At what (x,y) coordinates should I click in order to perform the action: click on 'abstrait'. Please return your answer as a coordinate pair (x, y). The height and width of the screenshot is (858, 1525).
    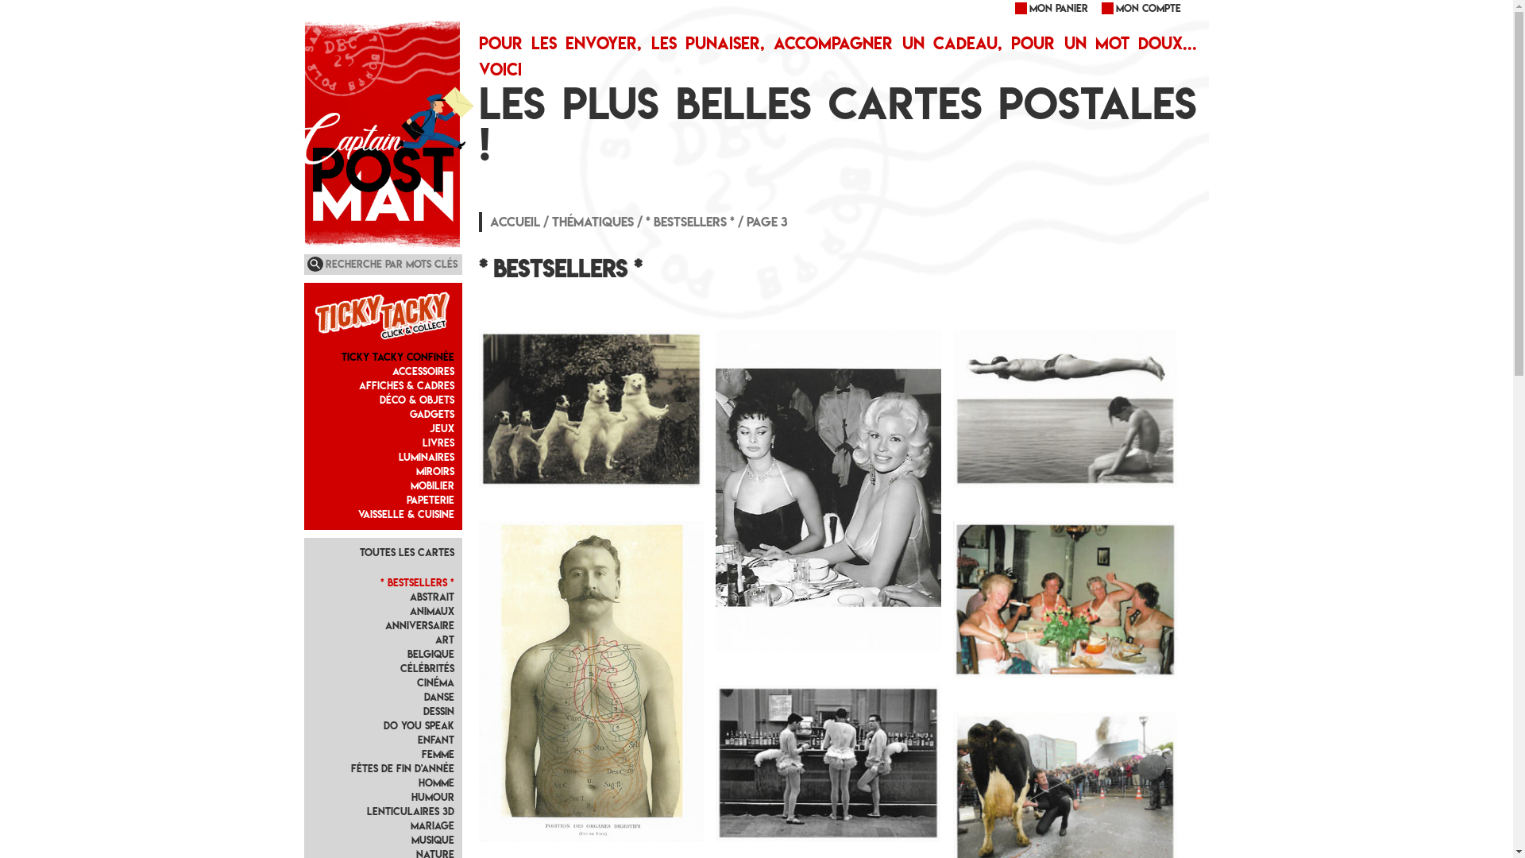
    Looking at the image, I should click on (409, 597).